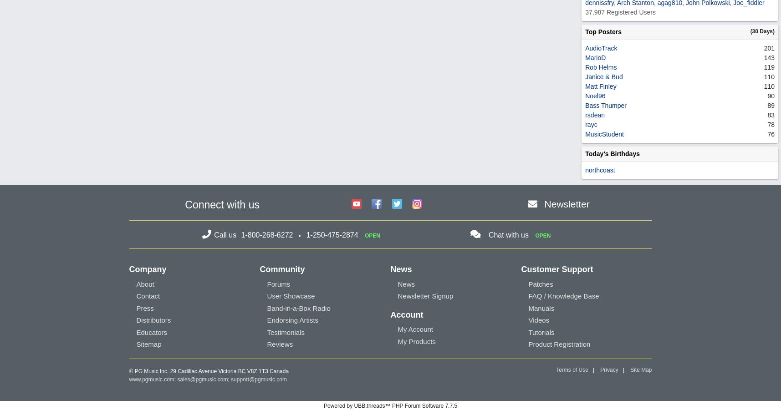 This screenshot has height=410, width=781. Describe the element at coordinates (397, 329) in the screenshot. I see `'My Account'` at that location.